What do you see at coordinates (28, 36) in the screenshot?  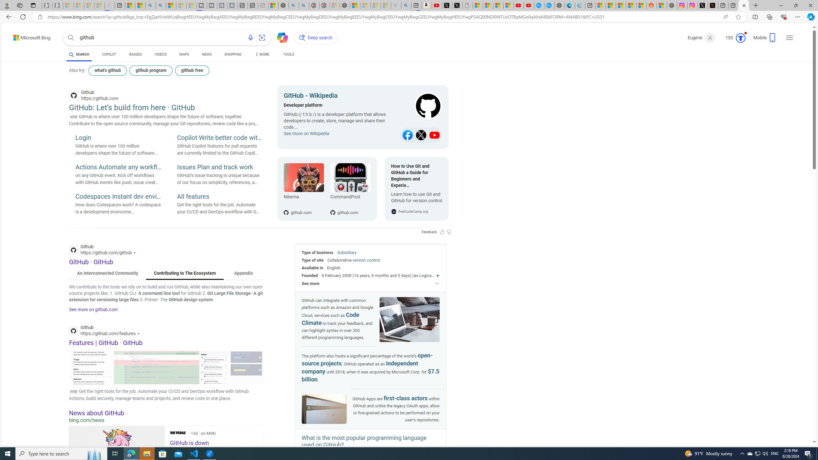 I see `'Back to Bing search'` at bounding box center [28, 36].